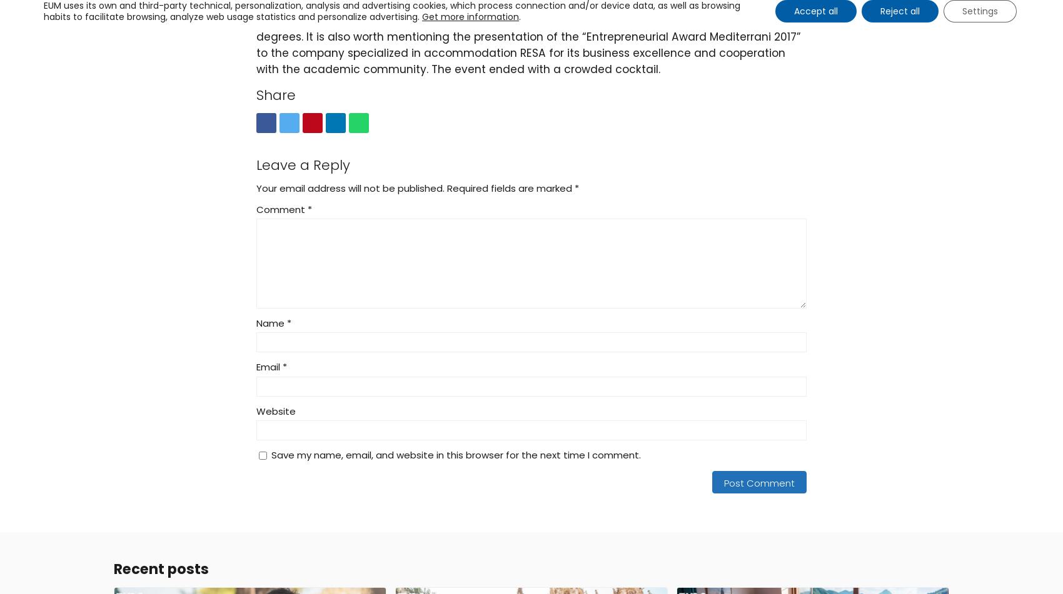 The image size is (1063, 594). I want to click on 'Email', so click(255, 366).